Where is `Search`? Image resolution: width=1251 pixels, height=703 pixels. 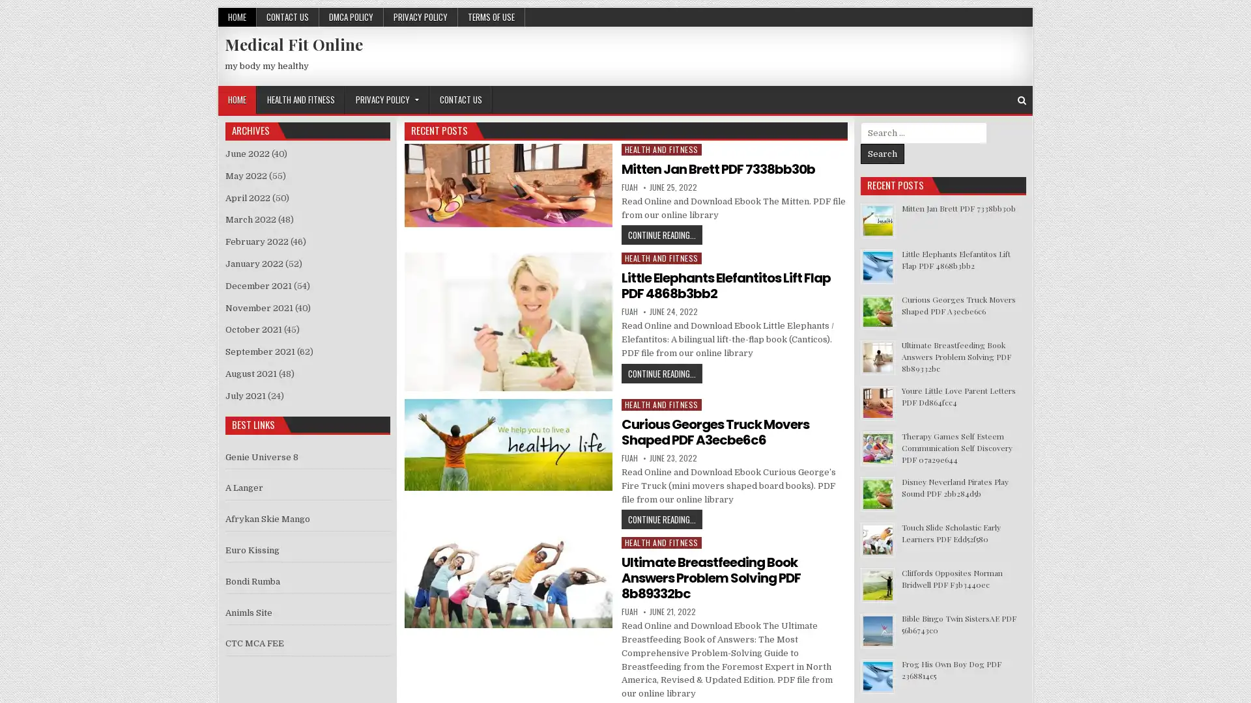 Search is located at coordinates (882, 153).